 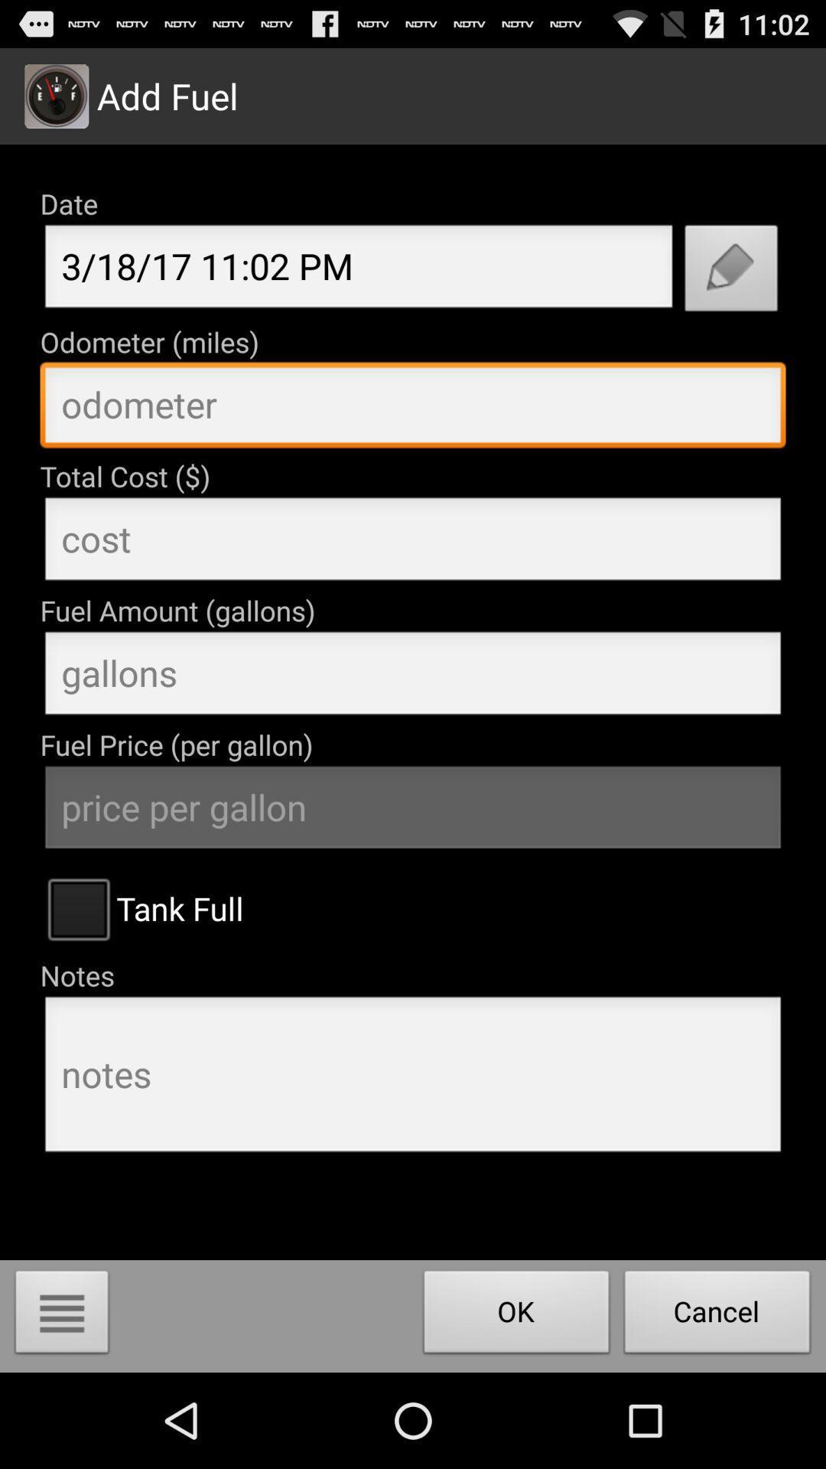 What do you see at coordinates (413, 543) in the screenshot?
I see `space for price` at bounding box center [413, 543].